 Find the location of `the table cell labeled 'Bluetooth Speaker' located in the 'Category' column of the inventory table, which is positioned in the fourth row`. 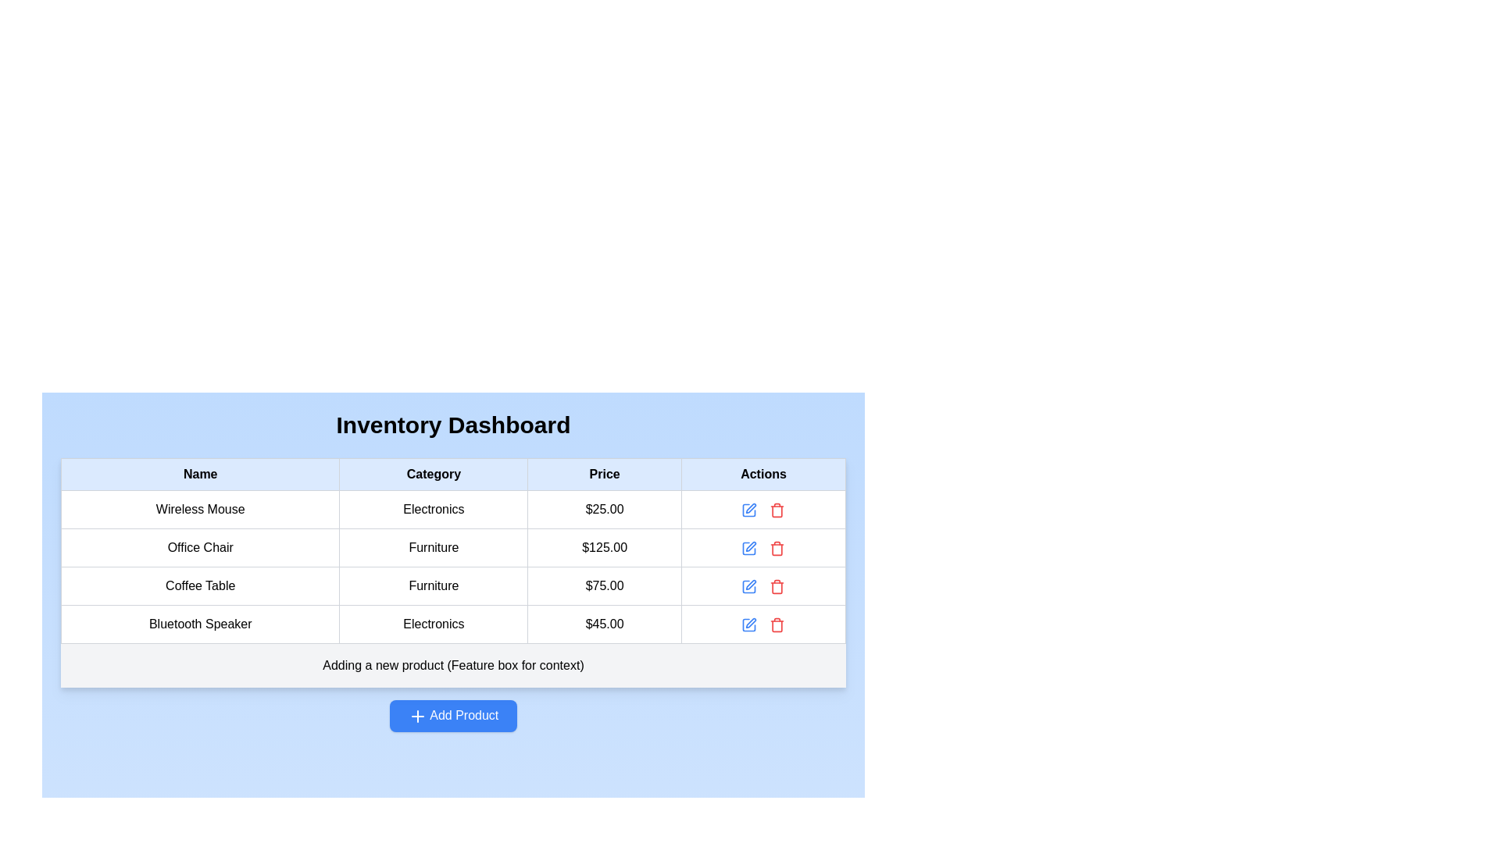

the table cell labeled 'Bluetooth Speaker' located in the 'Category' column of the inventory table, which is positioned in the fourth row is located at coordinates (452, 623).